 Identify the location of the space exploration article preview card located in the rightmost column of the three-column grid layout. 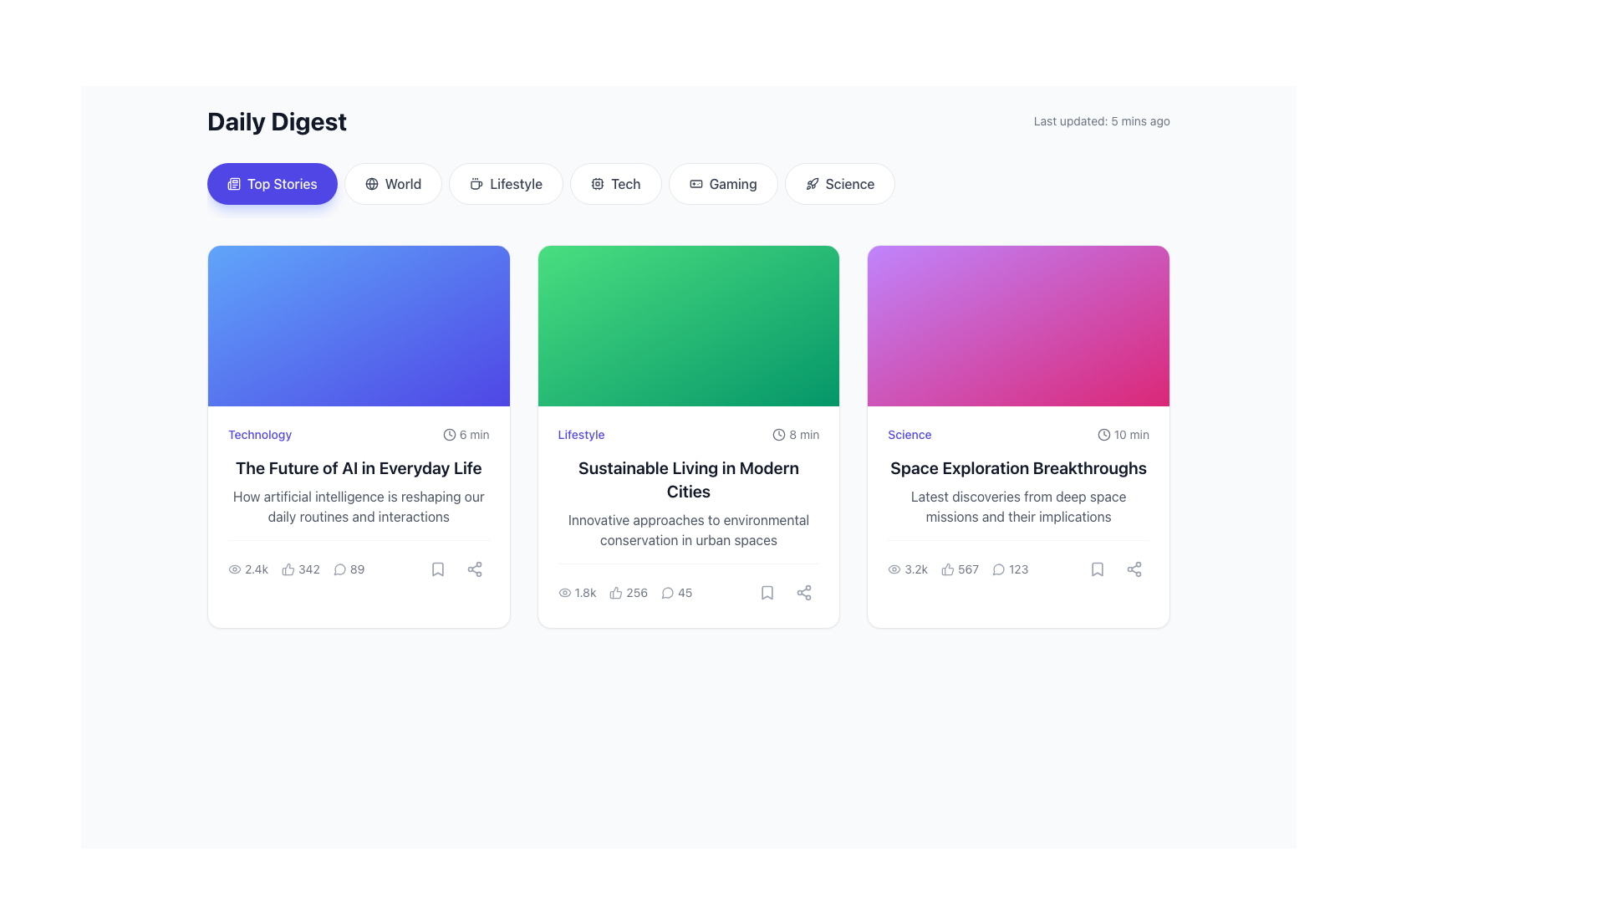
(1017, 436).